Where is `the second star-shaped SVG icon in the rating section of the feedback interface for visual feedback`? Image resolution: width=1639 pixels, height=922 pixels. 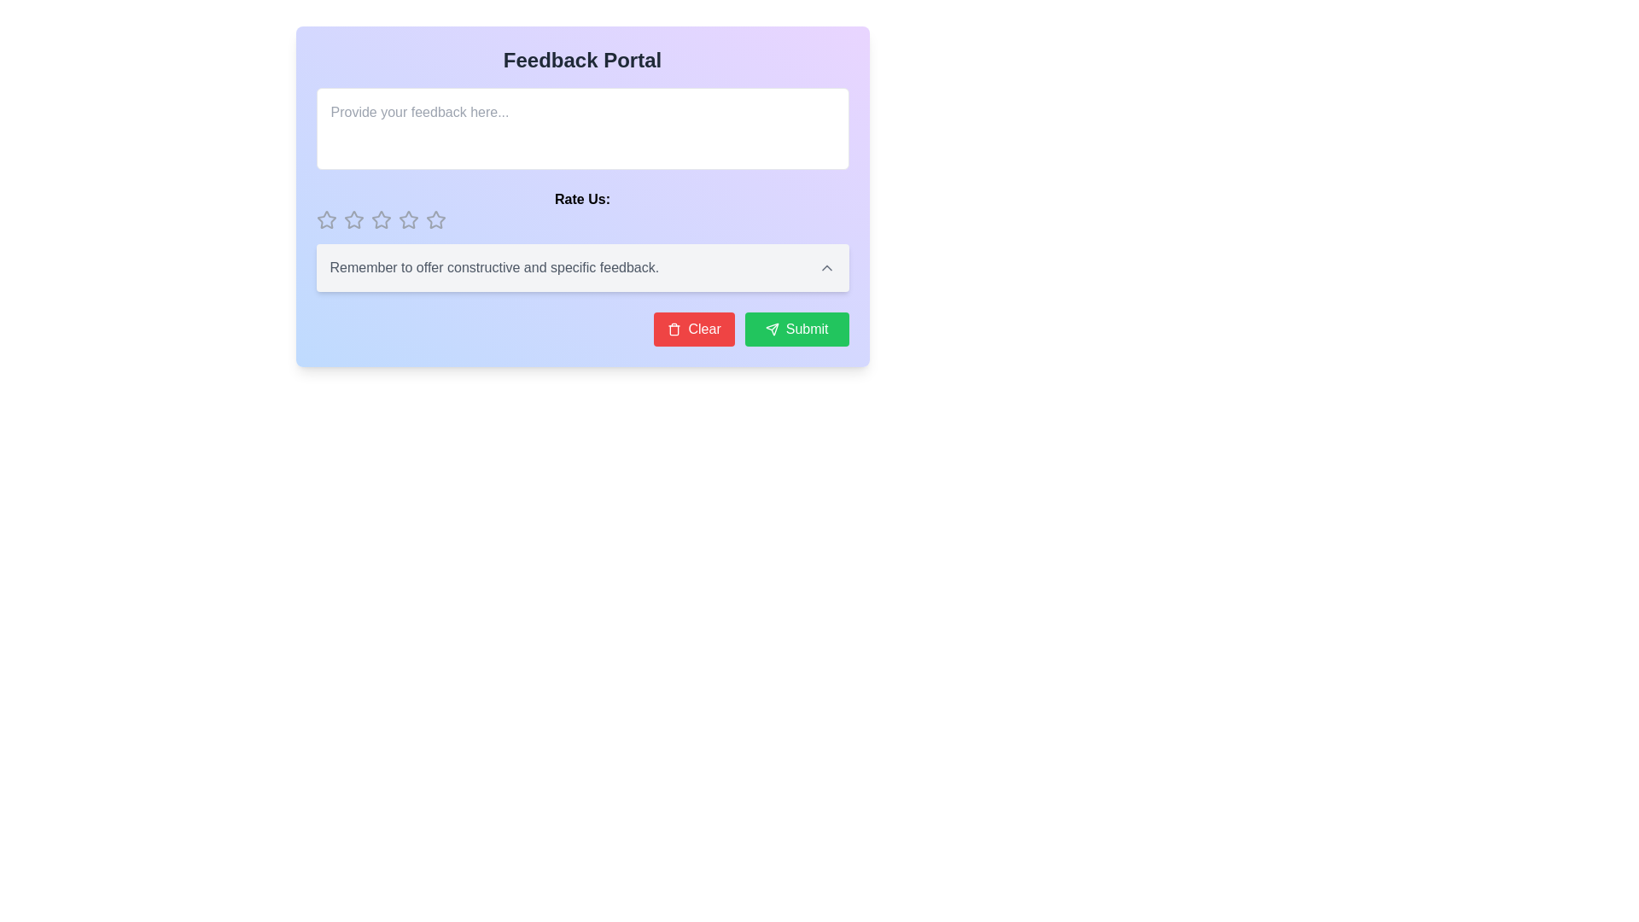 the second star-shaped SVG icon in the rating section of the feedback interface for visual feedback is located at coordinates (353, 219).